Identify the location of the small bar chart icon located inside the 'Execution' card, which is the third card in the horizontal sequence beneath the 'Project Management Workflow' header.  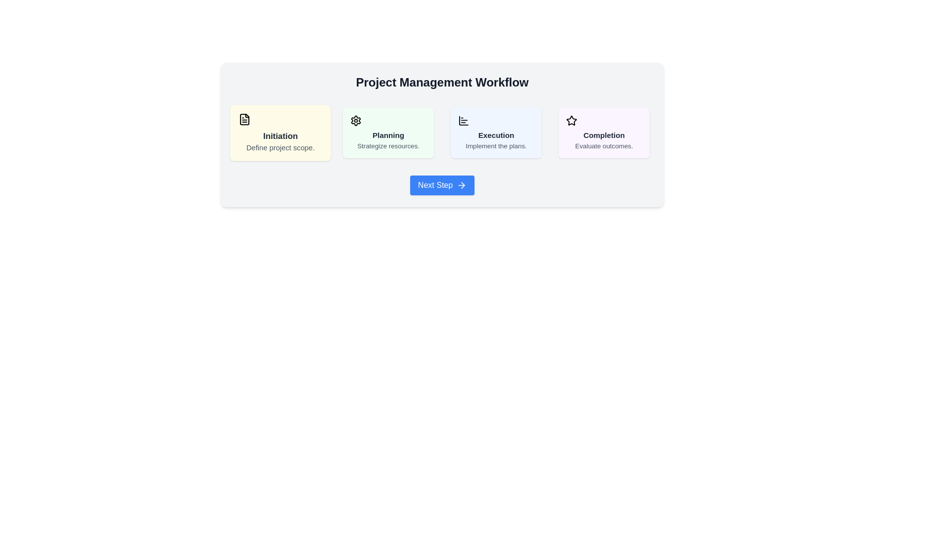
(463, 120).